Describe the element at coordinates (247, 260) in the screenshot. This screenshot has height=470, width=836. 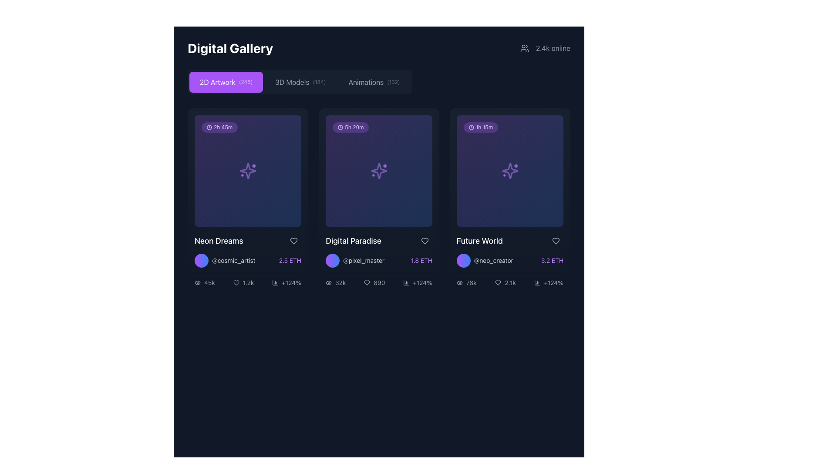
I see `the digital artwork card located in the bottom-left quadrant of the interface` at that location.